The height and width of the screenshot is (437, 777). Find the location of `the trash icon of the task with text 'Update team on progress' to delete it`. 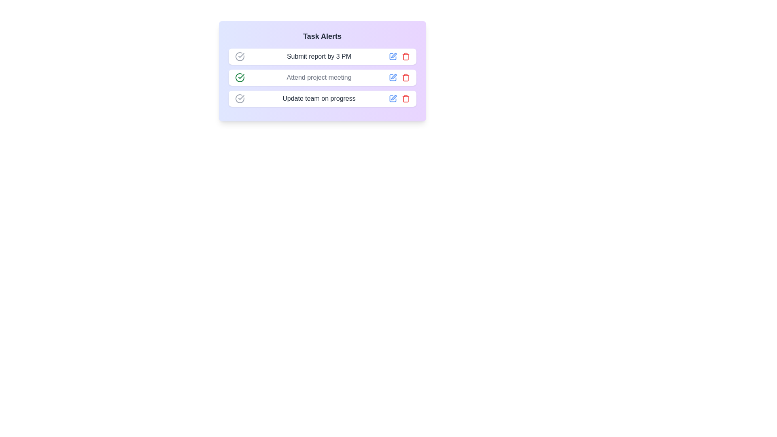

the trash icon of the task with text 'Update team on progress' to delete it is located at coordinates (405, 98).